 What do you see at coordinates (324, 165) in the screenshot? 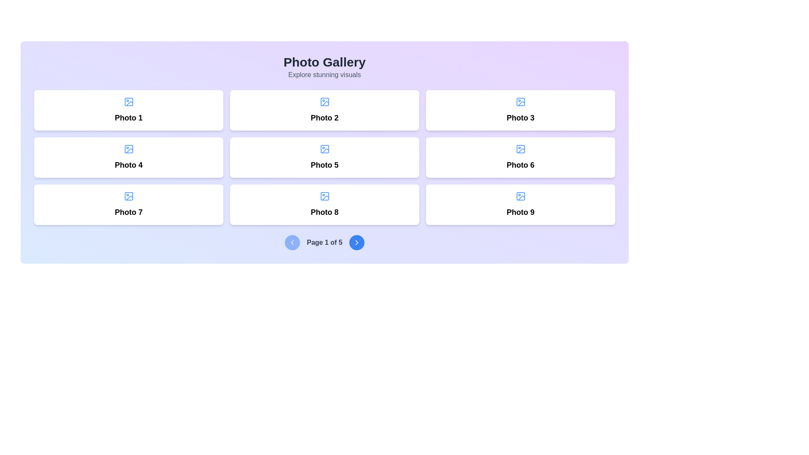
I see `the 'Photo 5' Text Label located in the second row and middle column of the three-by-three grid layout` at bounding box center [324, 165].